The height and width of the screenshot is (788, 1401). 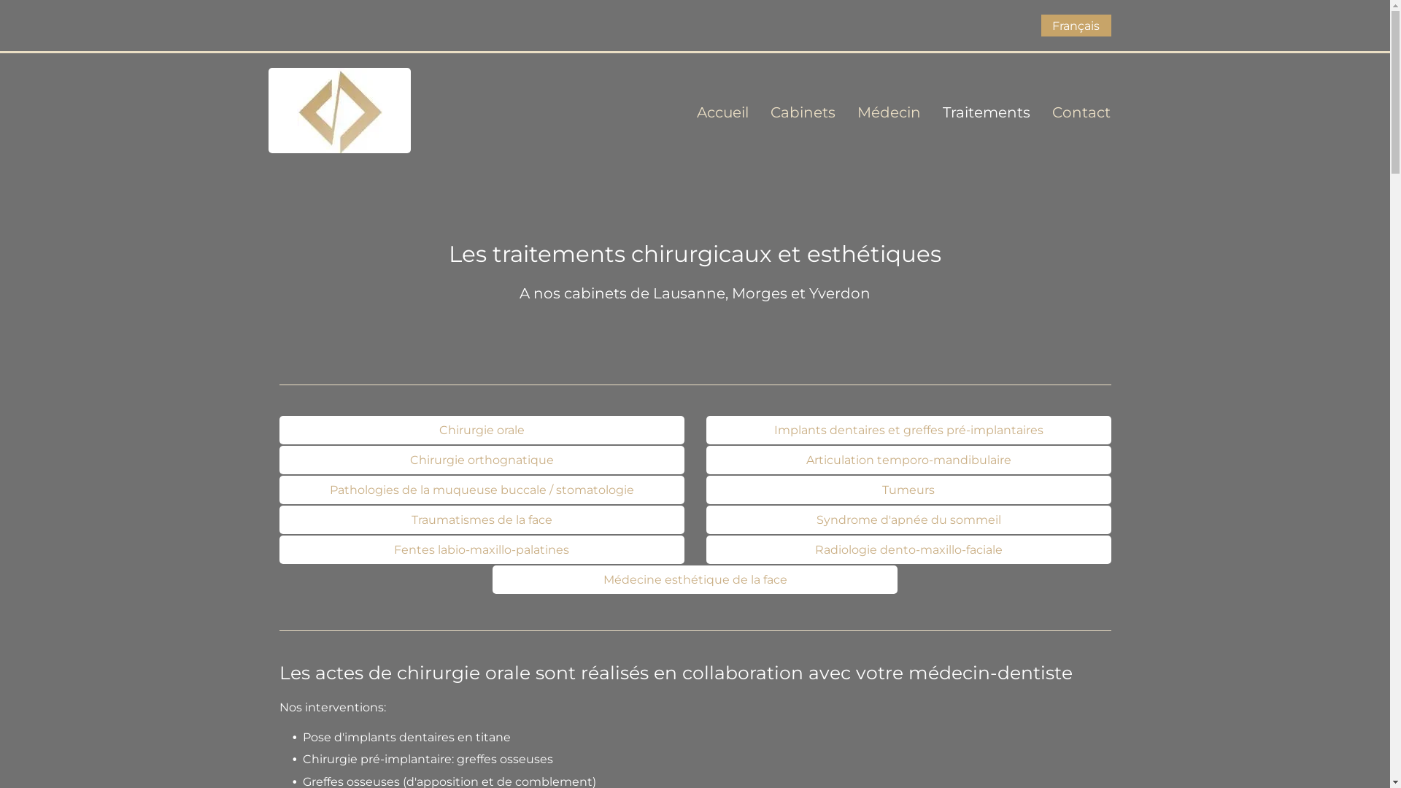 What do you see at coordinates (481, 490) in the screenshot?
I see `'Pathologies de la muqueuse buccale / stomatologie'` at bounding box center [481, 490].